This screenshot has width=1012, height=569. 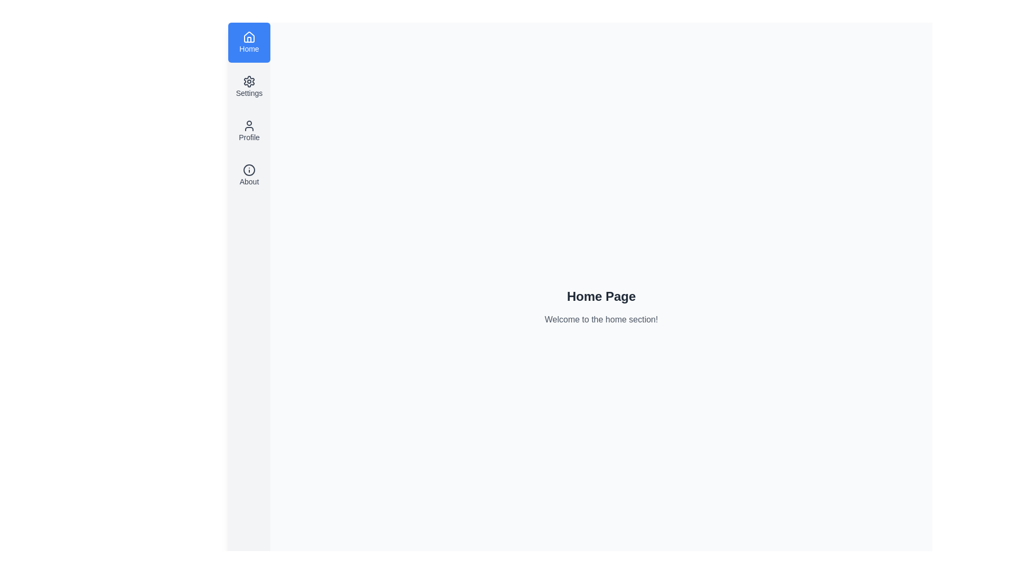 What do you see at coordinates (249, 131) in the screenshot?
I see `the menu option Profile to preview its content` at bounding box center [249, 131].